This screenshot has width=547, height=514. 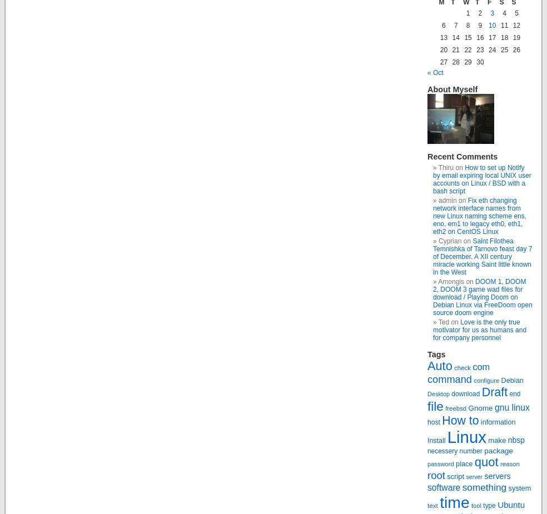 I want to click on '5', so click(x=516, y=12).